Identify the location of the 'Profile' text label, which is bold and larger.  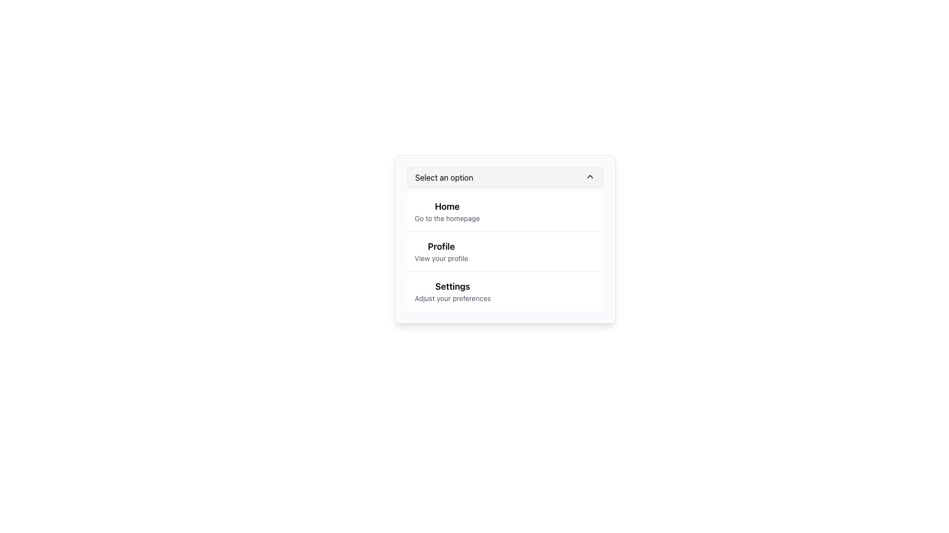
(441, 251).